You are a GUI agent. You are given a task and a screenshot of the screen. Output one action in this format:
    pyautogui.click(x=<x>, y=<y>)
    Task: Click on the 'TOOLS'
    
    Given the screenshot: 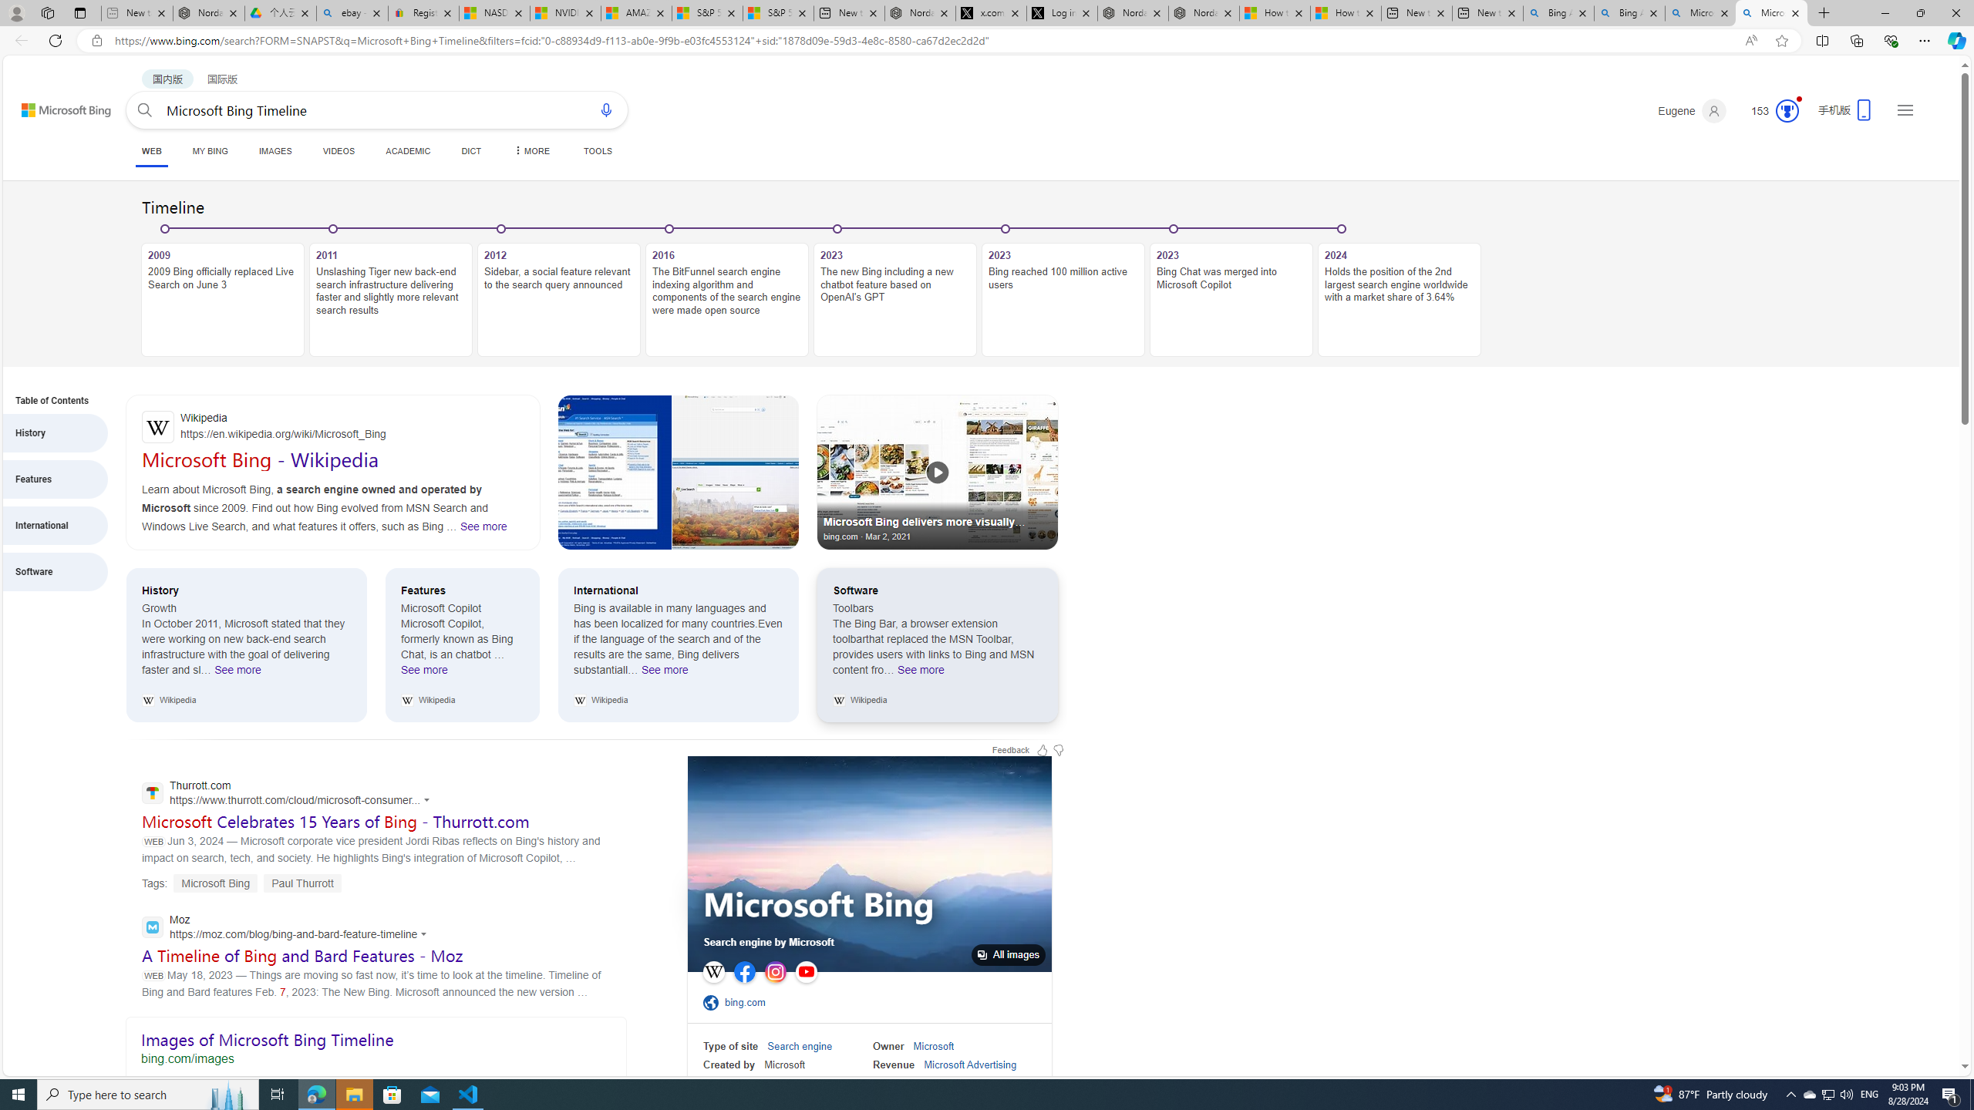 What is the action you would take?
    pyautogui.click(x=597, y=150)
    